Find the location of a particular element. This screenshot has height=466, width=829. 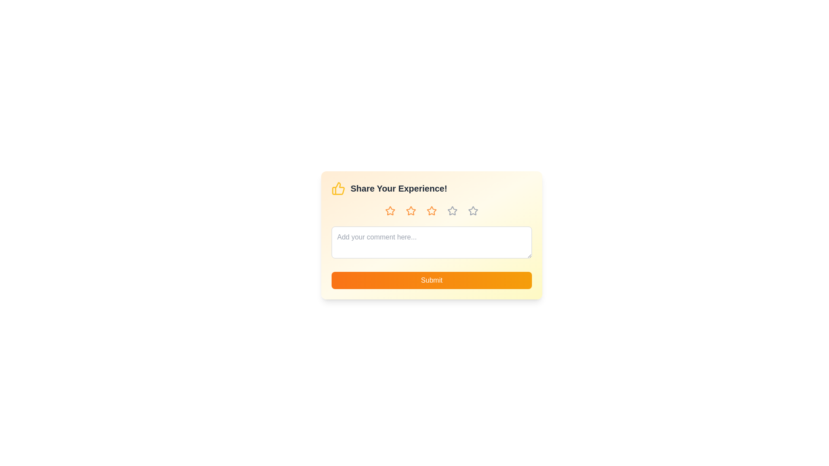

'Submit' button to submit the feedback is located at coordinates (431, 280).